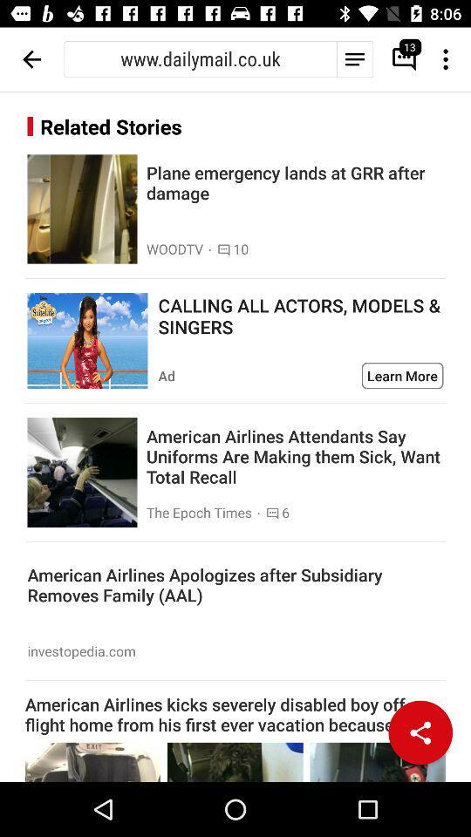  What do you see at coordinates (86, 340) in the screenshot?
I see `open advertisement` at bounding box center [86, 340].